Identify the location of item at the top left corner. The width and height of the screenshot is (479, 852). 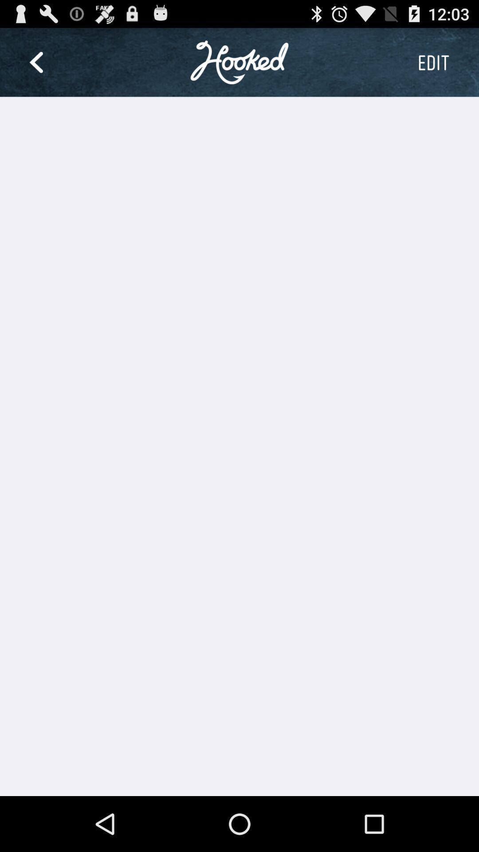
(35, 62).